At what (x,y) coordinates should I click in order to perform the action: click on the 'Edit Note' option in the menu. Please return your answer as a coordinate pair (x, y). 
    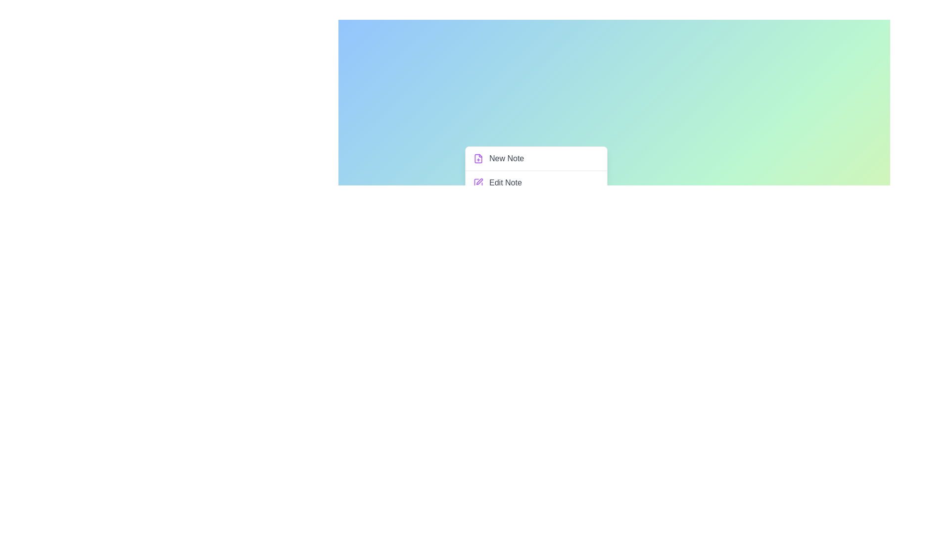
    Looking at the image, I should click on (536, 182).